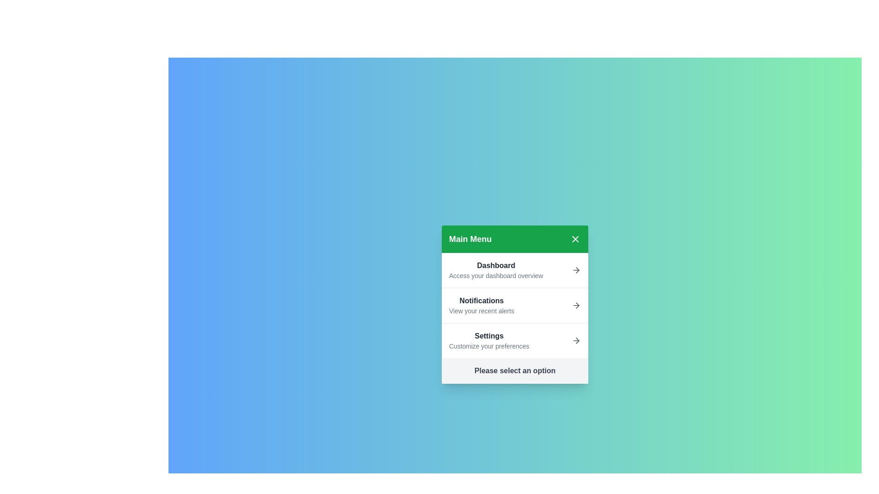 The width and height of the screenshot is (879, 494). What do you see at coordinates (515, 305) in the screenshot?
I see `the menu item labeled Notifications` at bounding box center [515, 305].